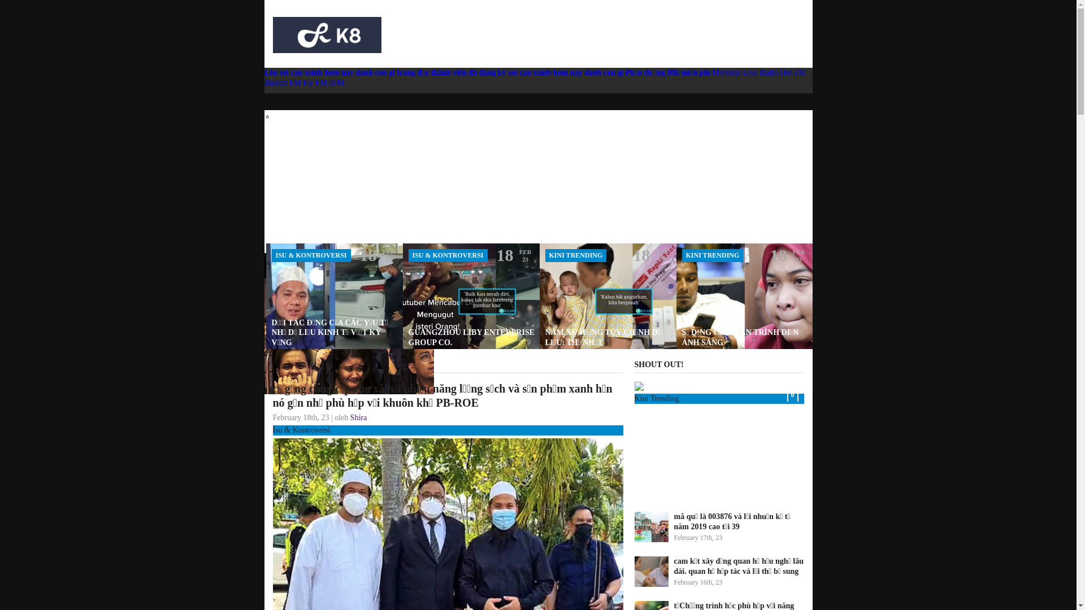 This screenshot has height=610, width=1085. What do you see at coordinates (284, 82) in the screenshot?
I see `'Buletin FM'` at bounding box center [284, 82].